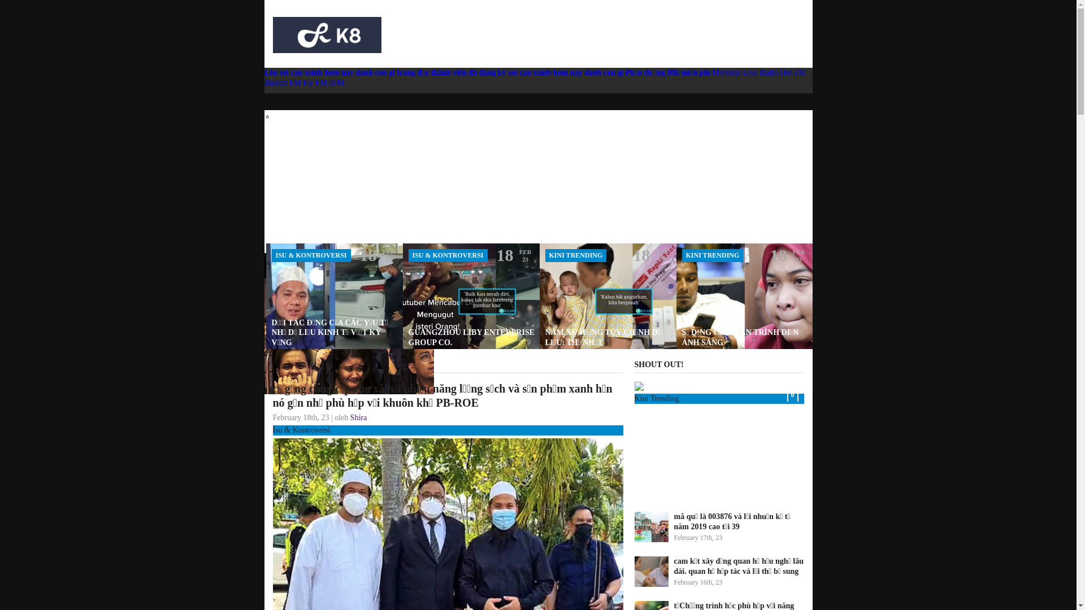 This screenshot has height=610, width=1085. What do you see at coordinates (284, 82) in the screenshot?
I see `'Buletin FM'` at bounding box center [284, 82].